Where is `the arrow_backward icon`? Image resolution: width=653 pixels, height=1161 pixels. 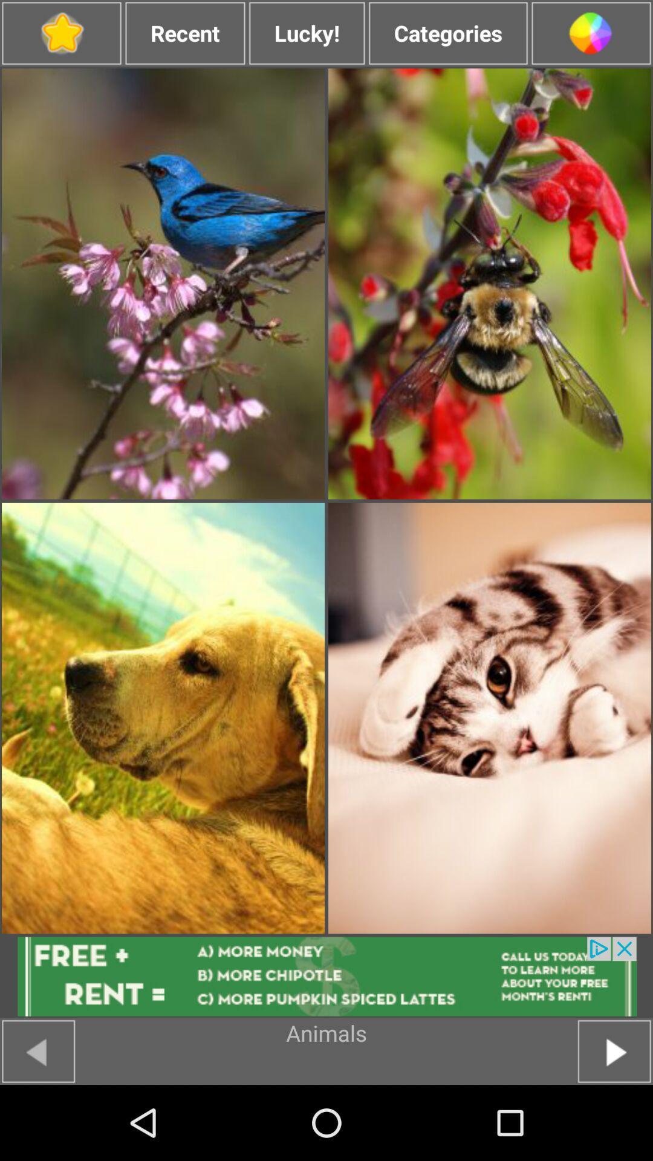 the arrow_backward icon is located at coordinates (37, 1125).